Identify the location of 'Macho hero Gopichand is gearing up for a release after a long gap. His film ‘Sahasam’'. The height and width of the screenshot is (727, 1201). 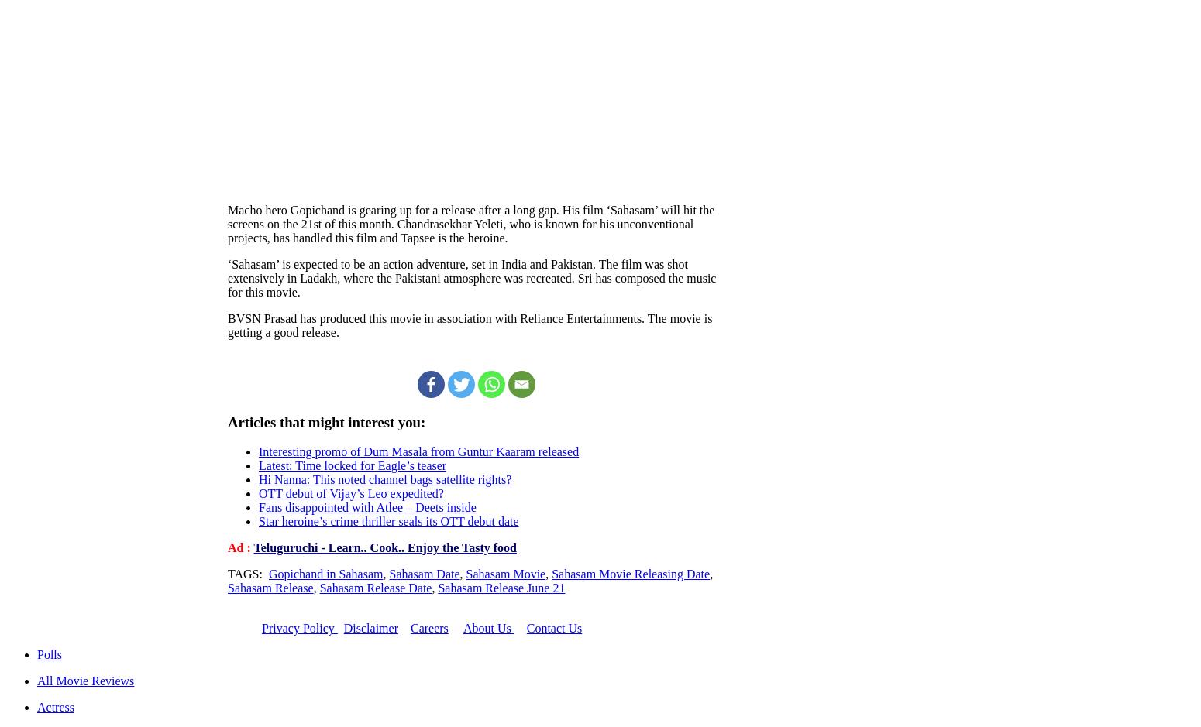
(442, 208).